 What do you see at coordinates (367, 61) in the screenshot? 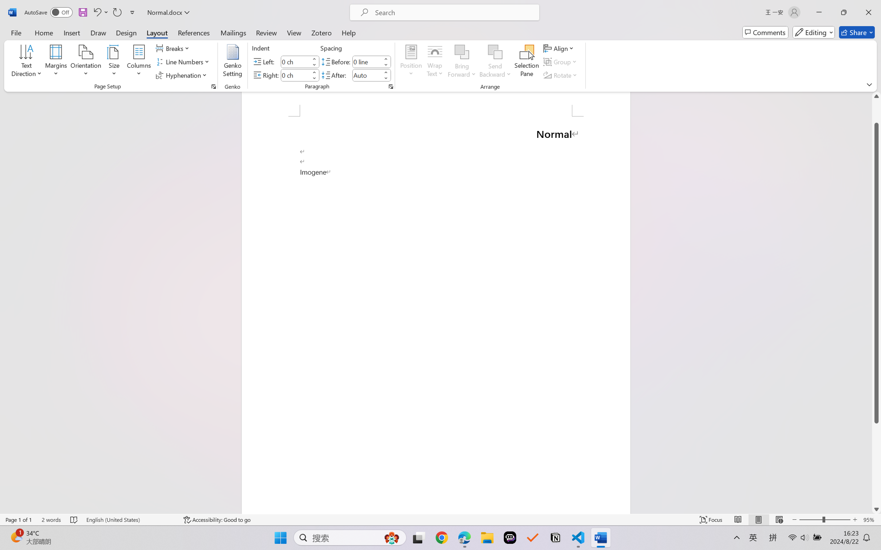
I see `'Spacing Before'` at bounding box center [367, 61].